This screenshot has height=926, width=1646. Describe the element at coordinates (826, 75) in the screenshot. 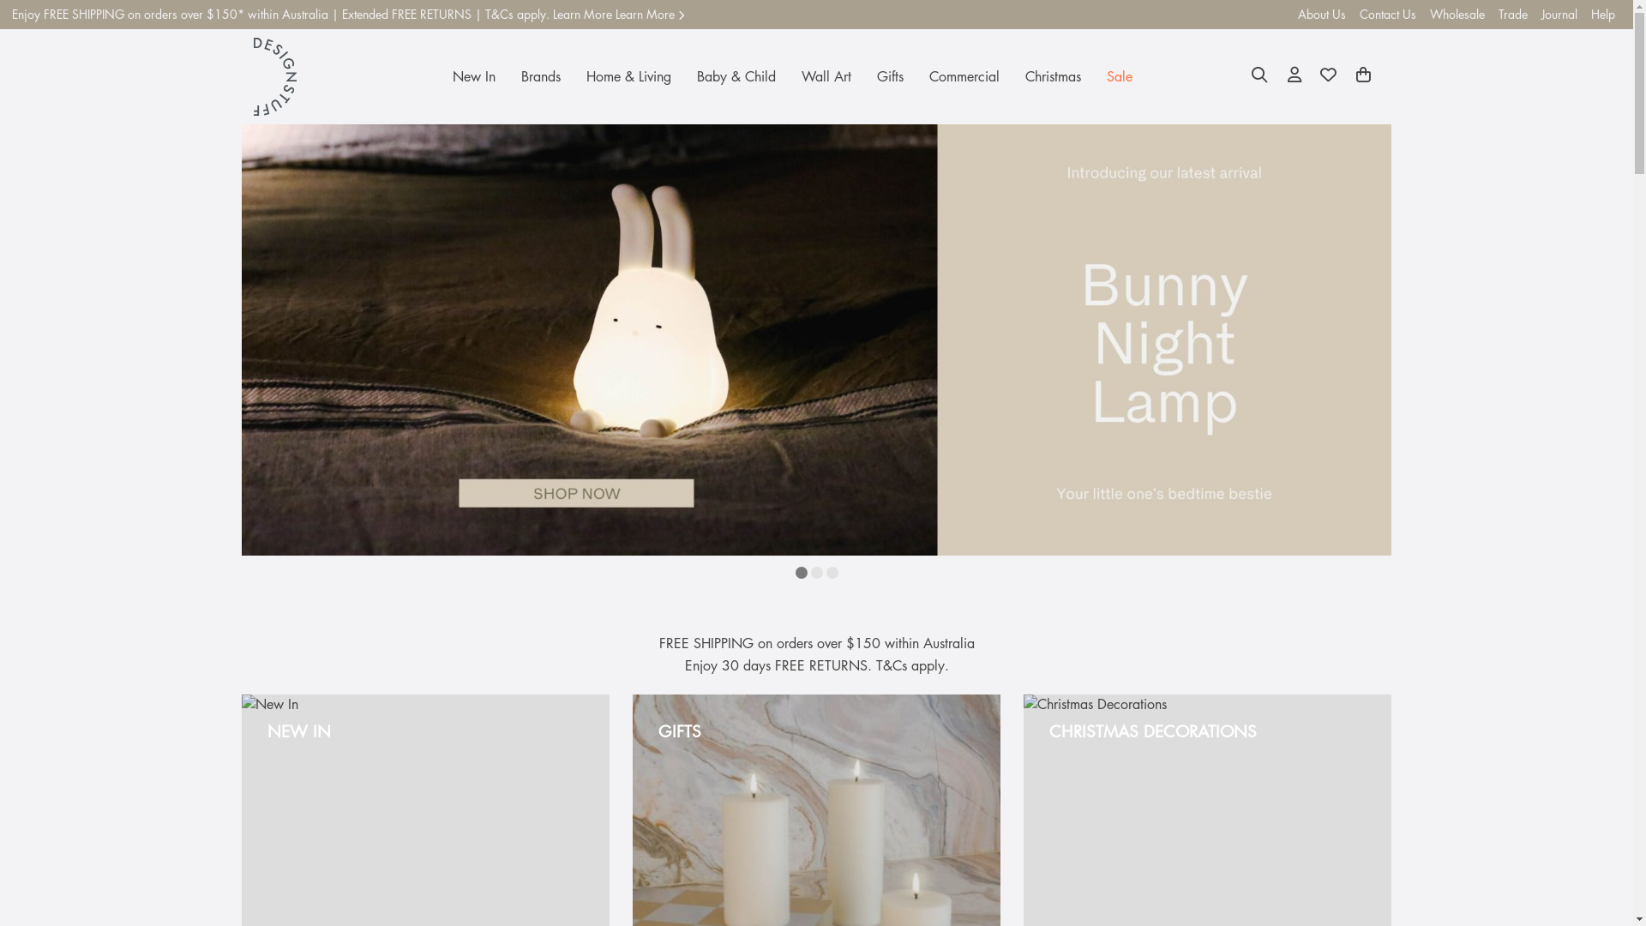

I see `'Wall Art'` at that location.